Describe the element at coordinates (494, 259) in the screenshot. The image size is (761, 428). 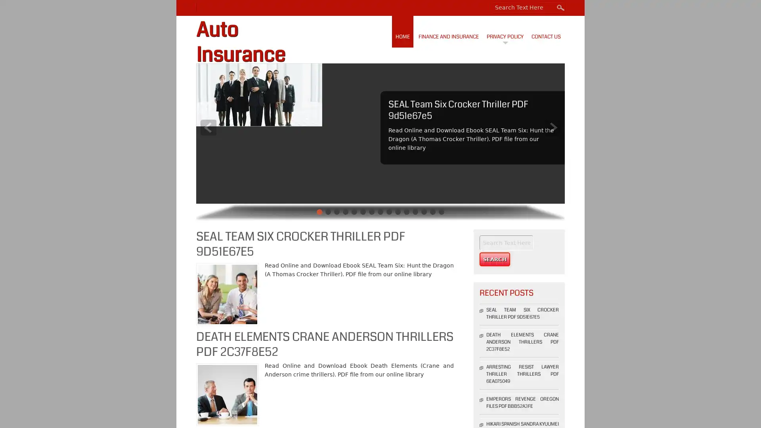
I see `Search` at that location.